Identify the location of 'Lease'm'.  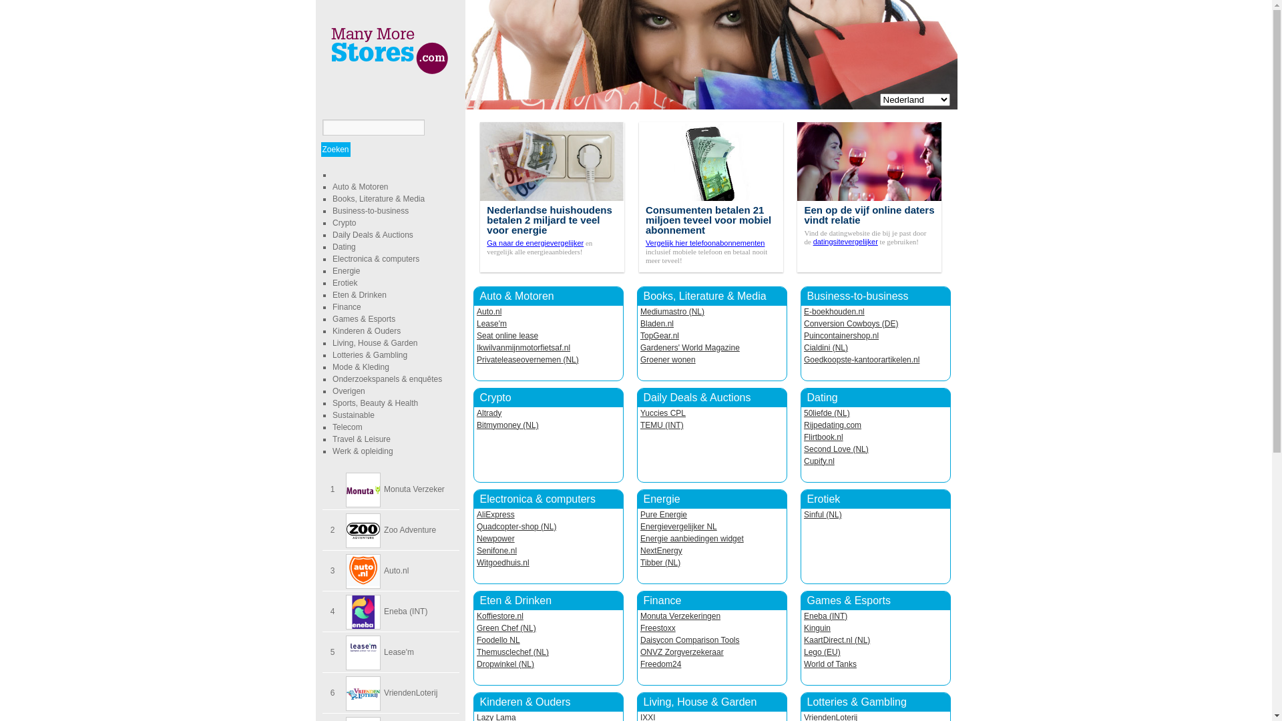
(398, 651).